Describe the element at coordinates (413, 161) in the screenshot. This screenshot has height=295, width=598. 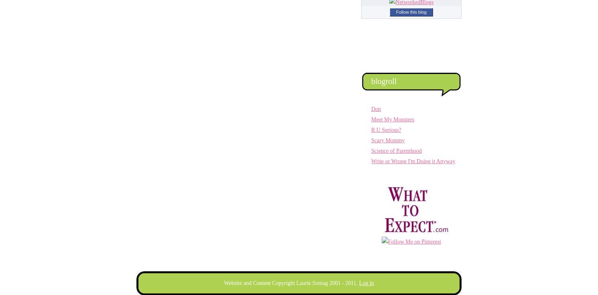
I see `'Write or Wrong I'm Doing it Anyway'` at that location.